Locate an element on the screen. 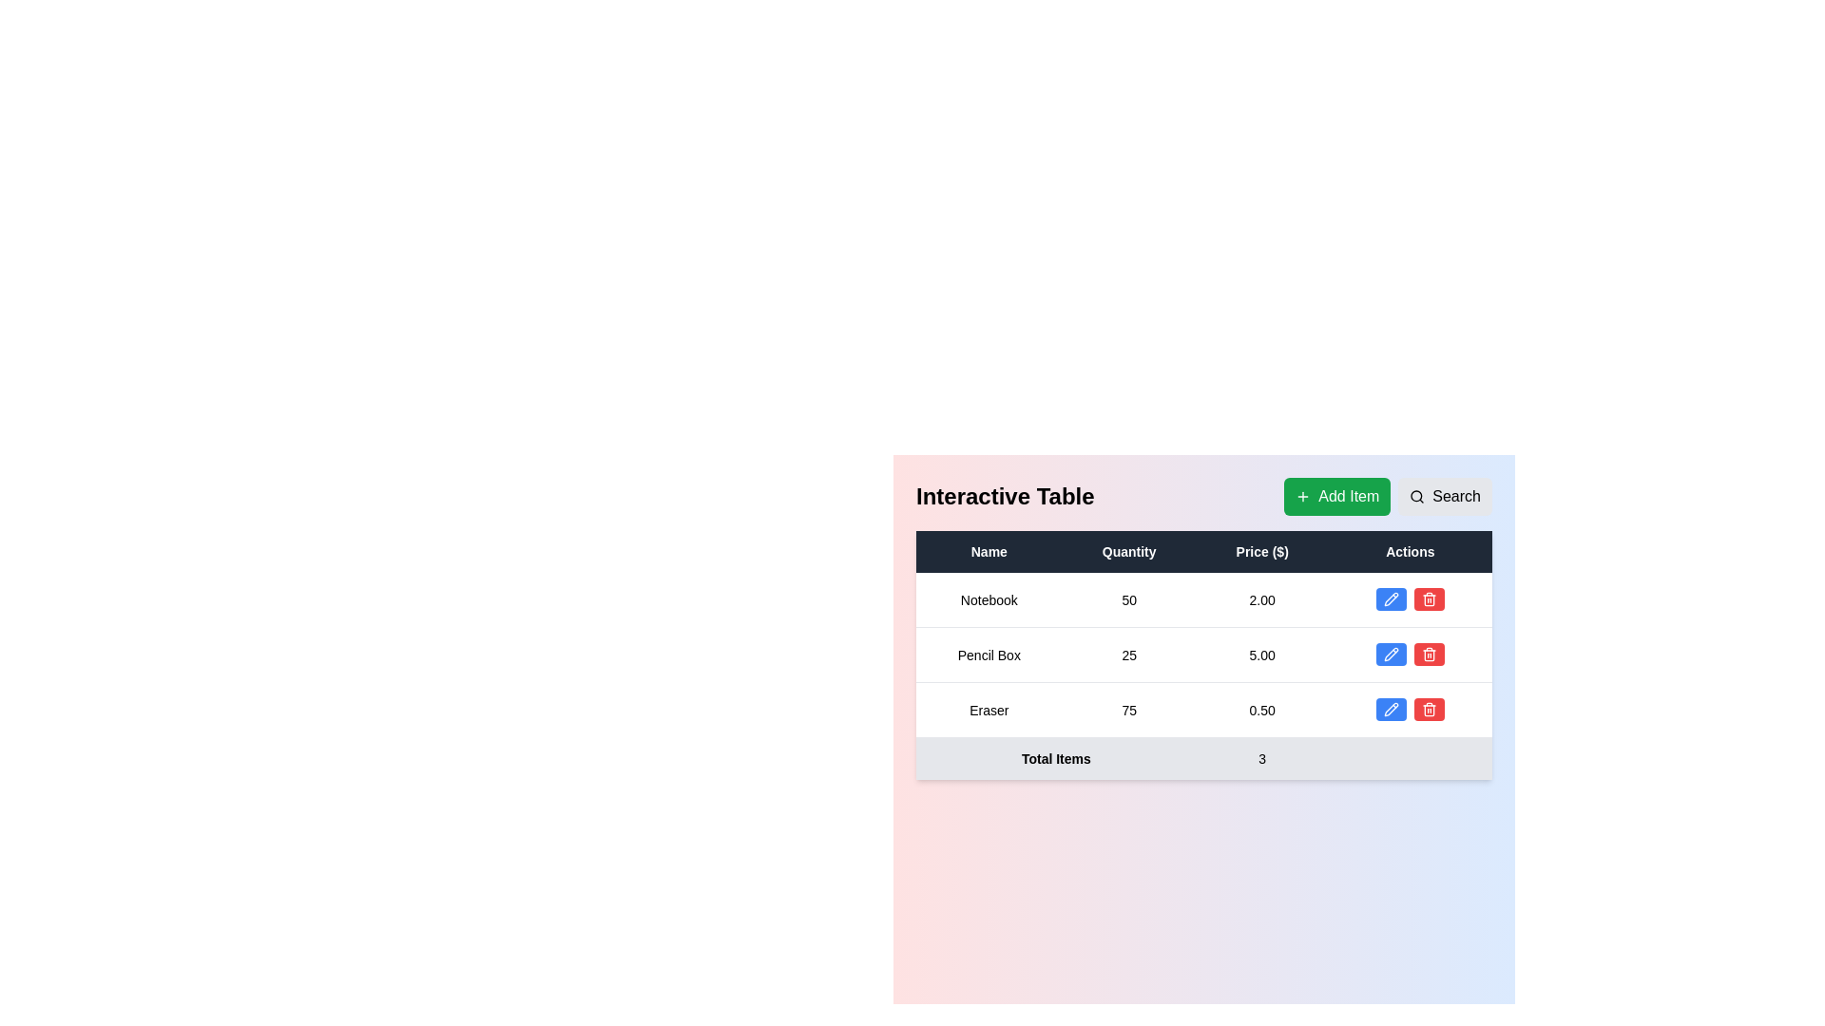 The image size is (1825, 1026). the small red trash icon inside the delete button located in the 'Actions' column of the table row labeled 'Pencil Box' is located at coordinates (1429, 654).